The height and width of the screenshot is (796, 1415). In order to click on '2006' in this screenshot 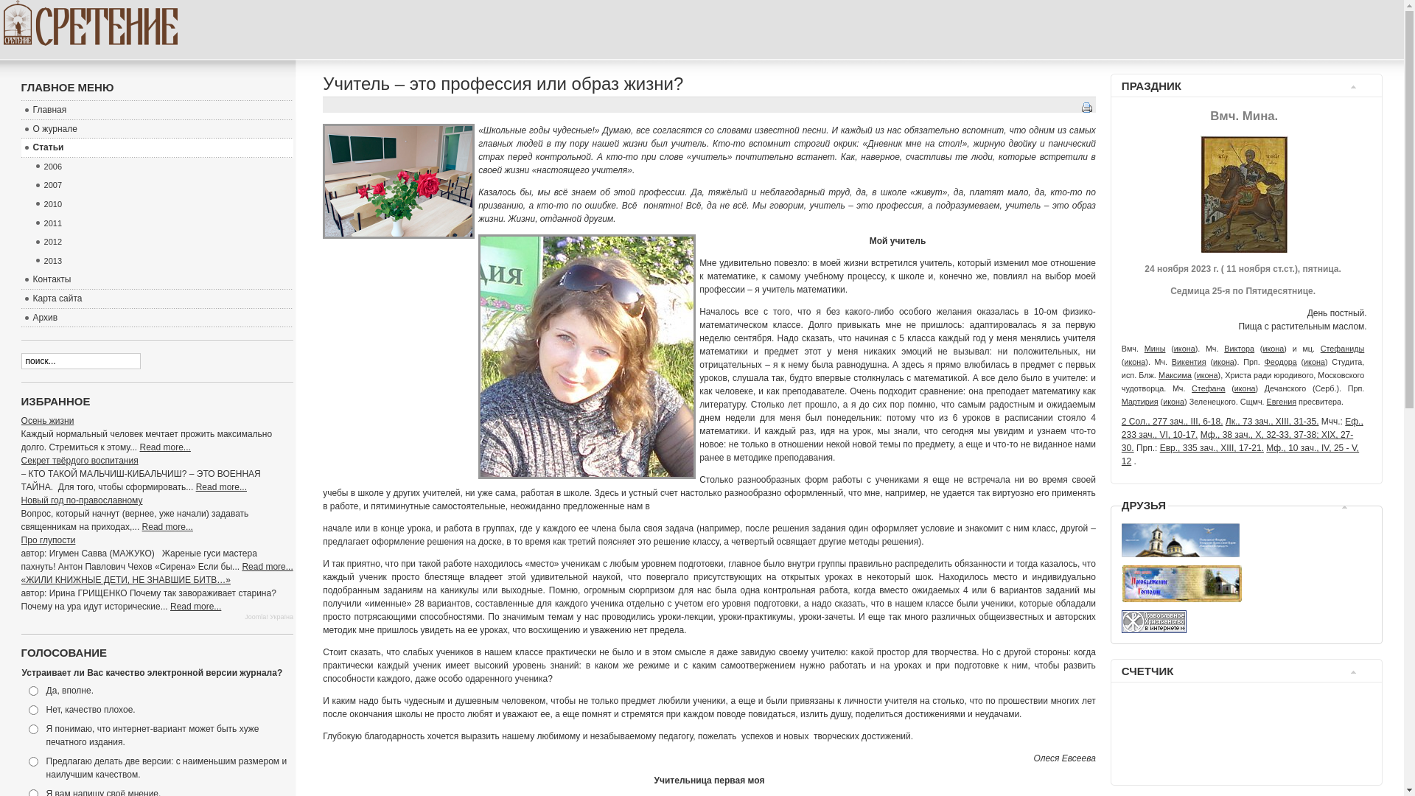, I will do `click(32, 167)`.